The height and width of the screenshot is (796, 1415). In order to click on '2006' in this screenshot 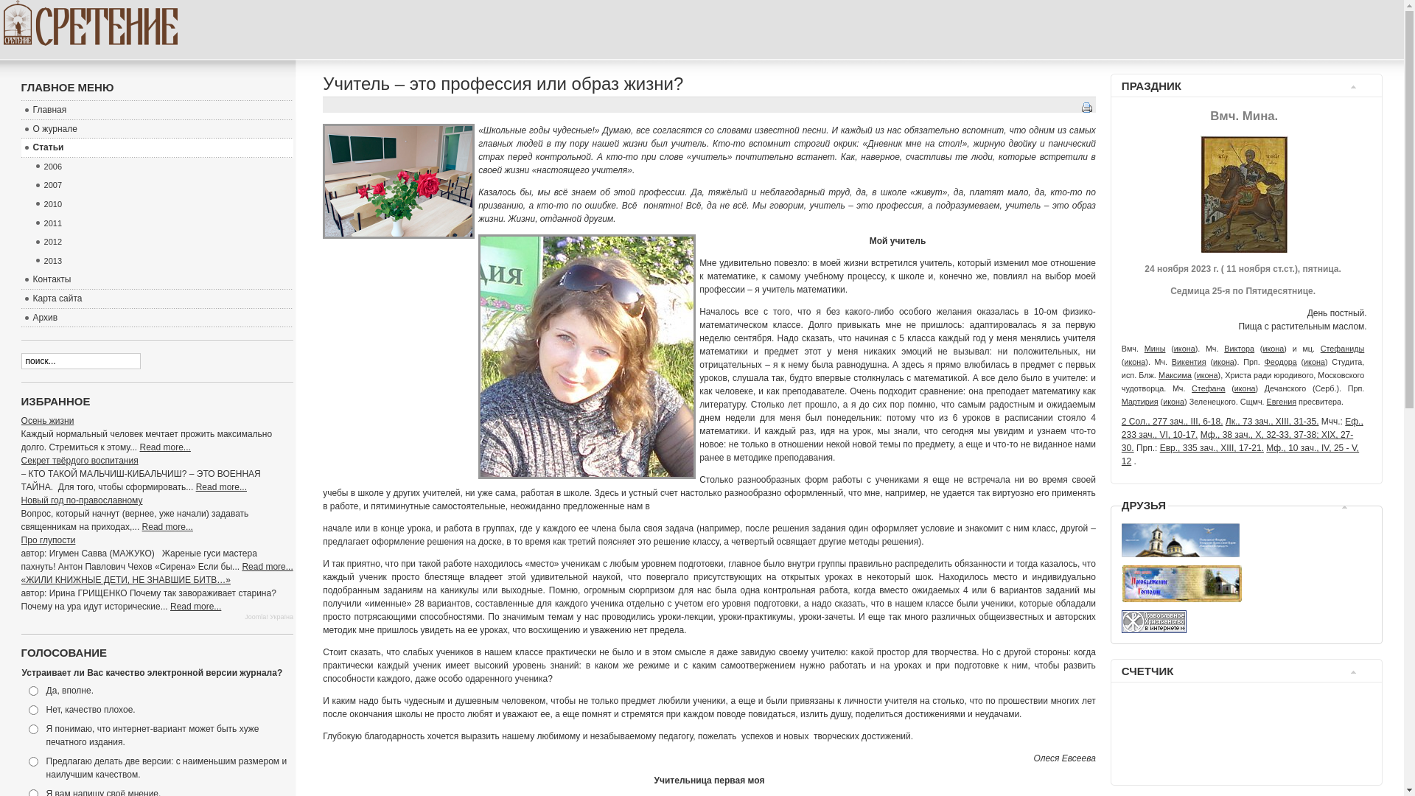, I will do `click(32, 167)`.